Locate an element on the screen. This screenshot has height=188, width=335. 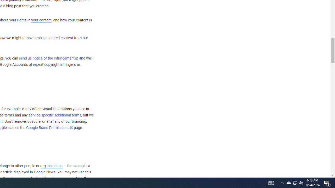
'organizations' is located at coordinates (51, 166).